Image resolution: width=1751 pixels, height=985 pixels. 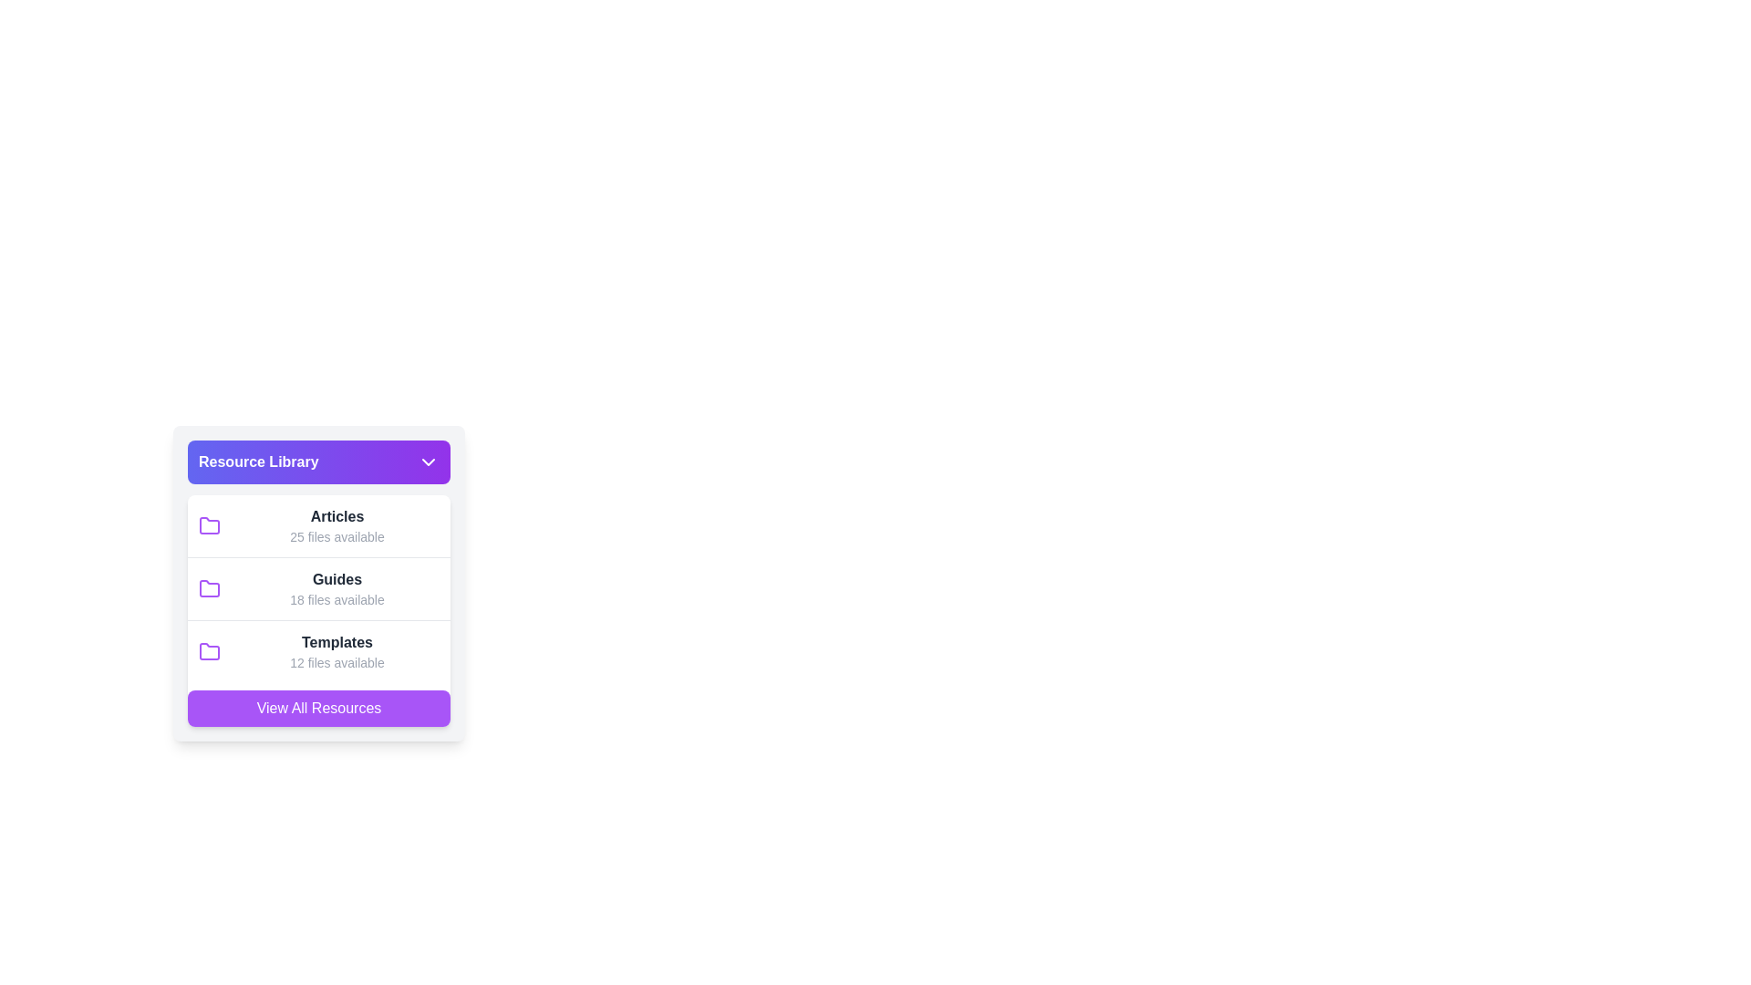 I want to click on to select the 'Articles' category in the Resource Library dropdown menu, which indicates access to 25 files related to this category, so click(x=337, y=526).